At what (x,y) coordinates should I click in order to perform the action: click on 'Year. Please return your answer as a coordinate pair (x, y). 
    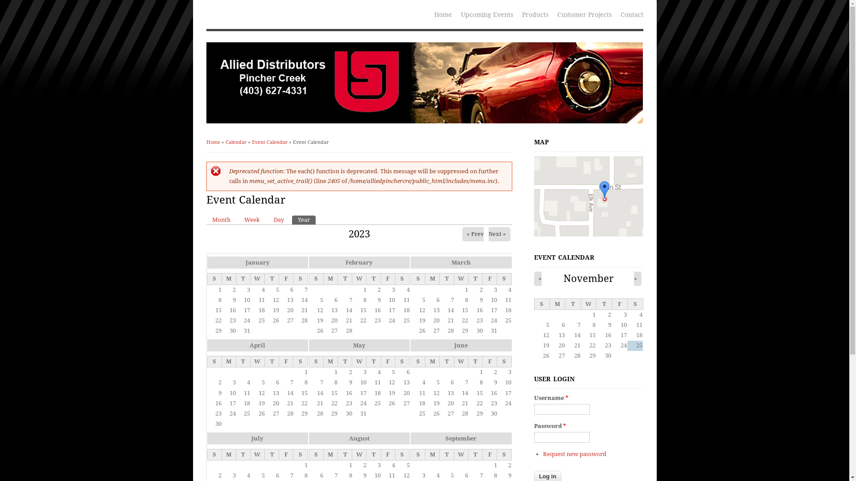
    Looking at the image, I should click on (303, 220).